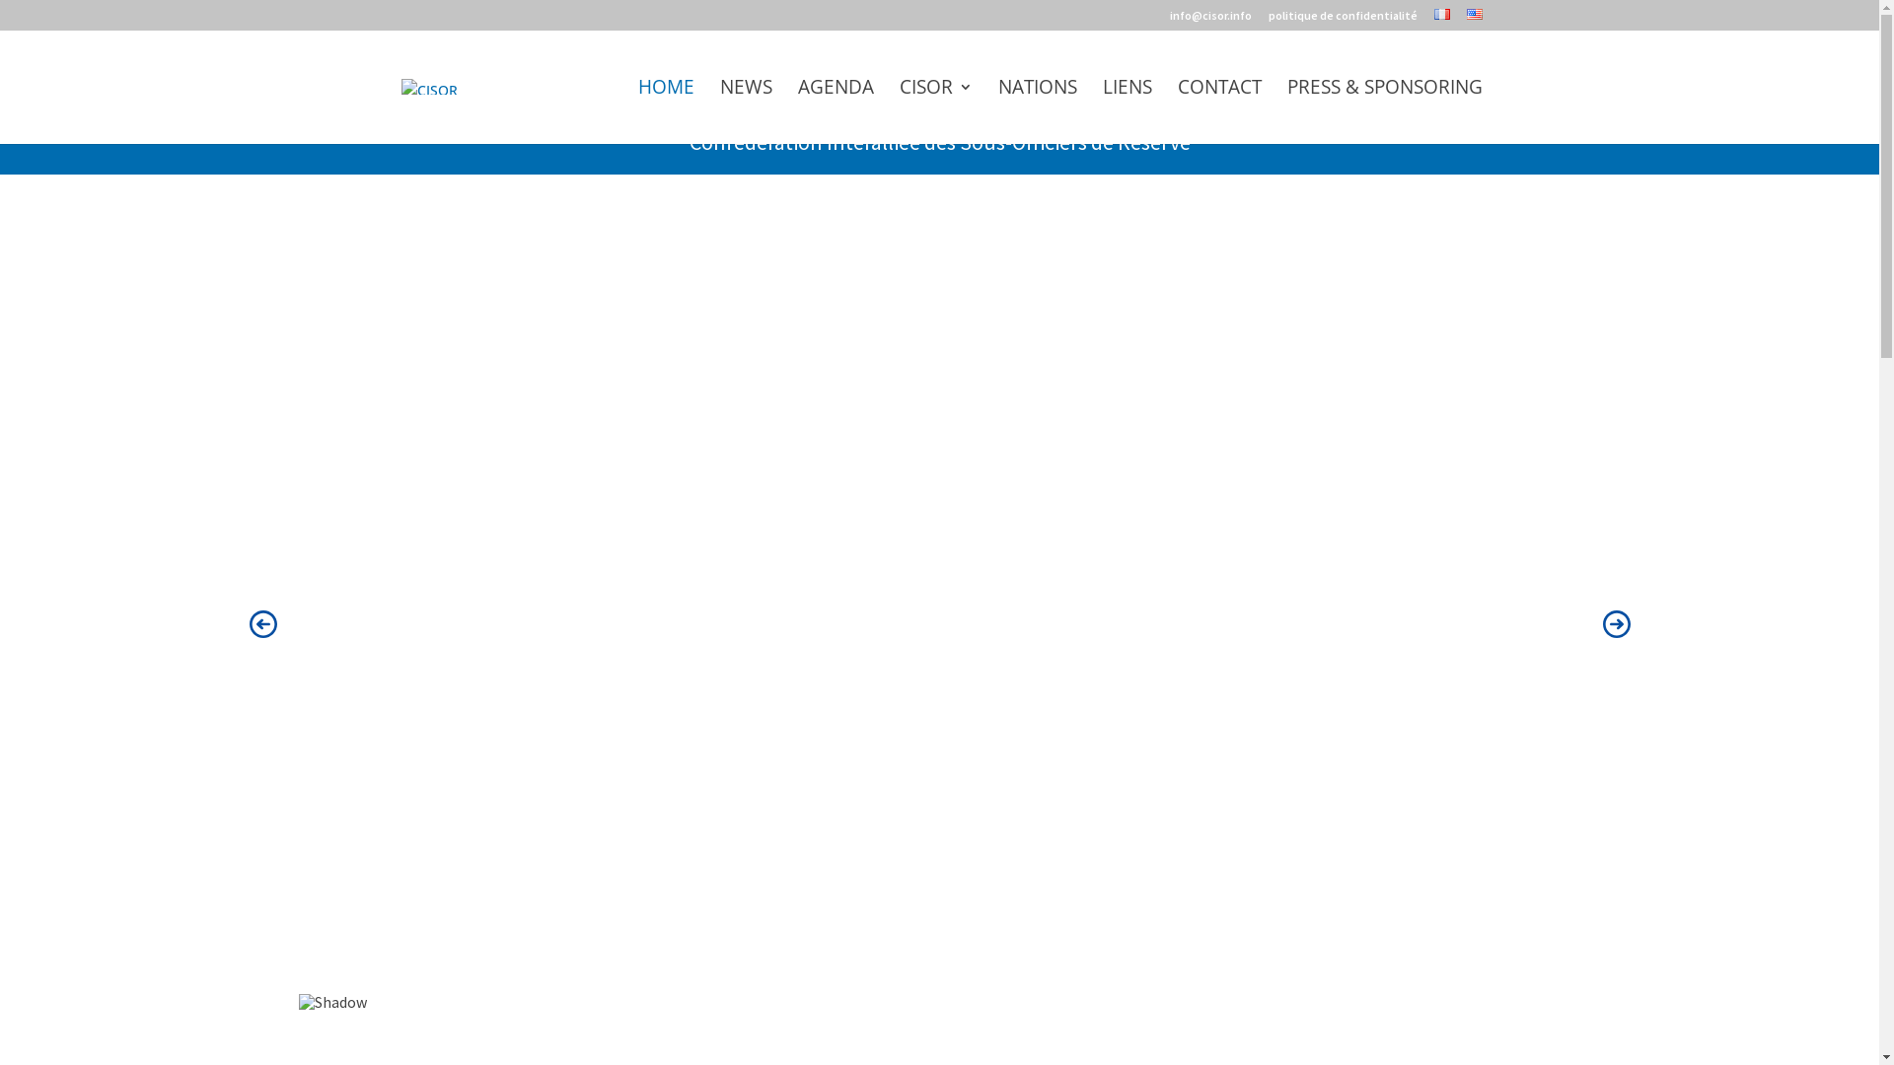 The height and width of the screenshot is (1065, 1894). I want to click on 'CISOR', so click(935, 111).